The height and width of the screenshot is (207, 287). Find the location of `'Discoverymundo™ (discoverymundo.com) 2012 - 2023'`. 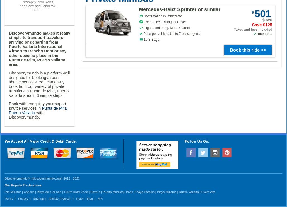

'Discoverymundo™ (discoverymundo.com) 2012 - 2023' is located at coordinates (42, 178).